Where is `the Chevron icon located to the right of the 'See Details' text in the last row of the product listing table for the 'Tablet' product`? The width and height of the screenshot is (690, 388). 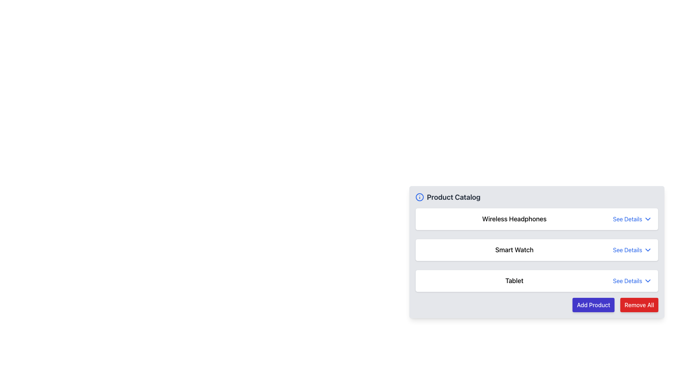 the Chevron icon located to the right of the 'See Details' text in the last row of the product listing table for the 'Tablet' product is located at coordinates (648, 281).